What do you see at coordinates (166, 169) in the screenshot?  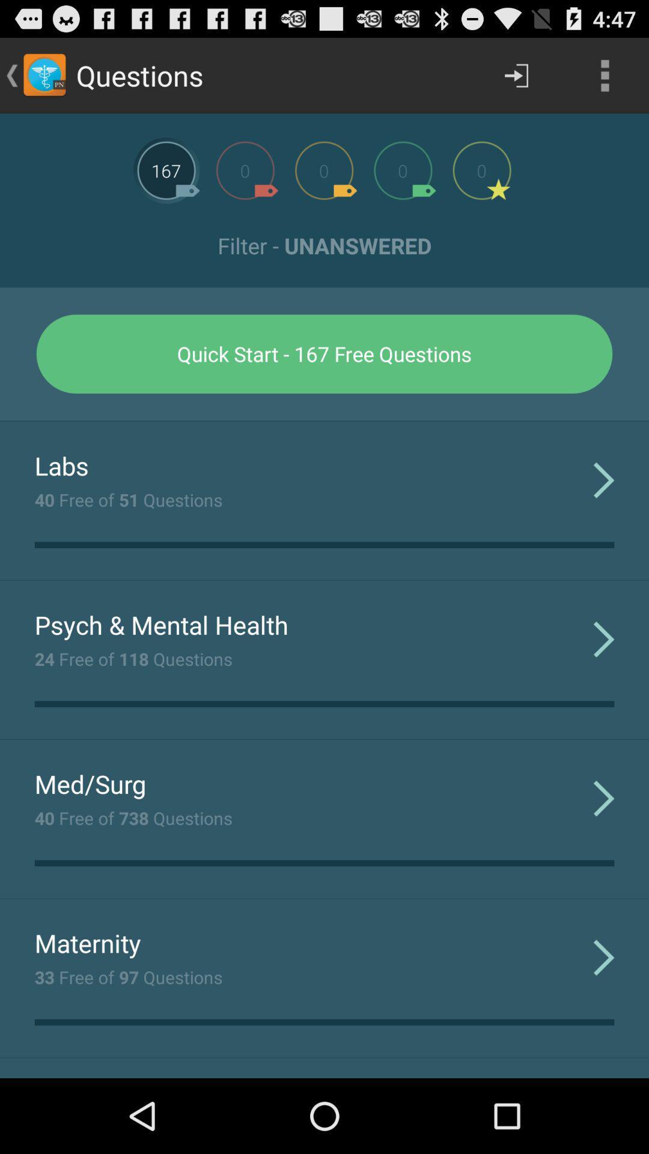 I see `click on 167` at bounding box center [166, 169].